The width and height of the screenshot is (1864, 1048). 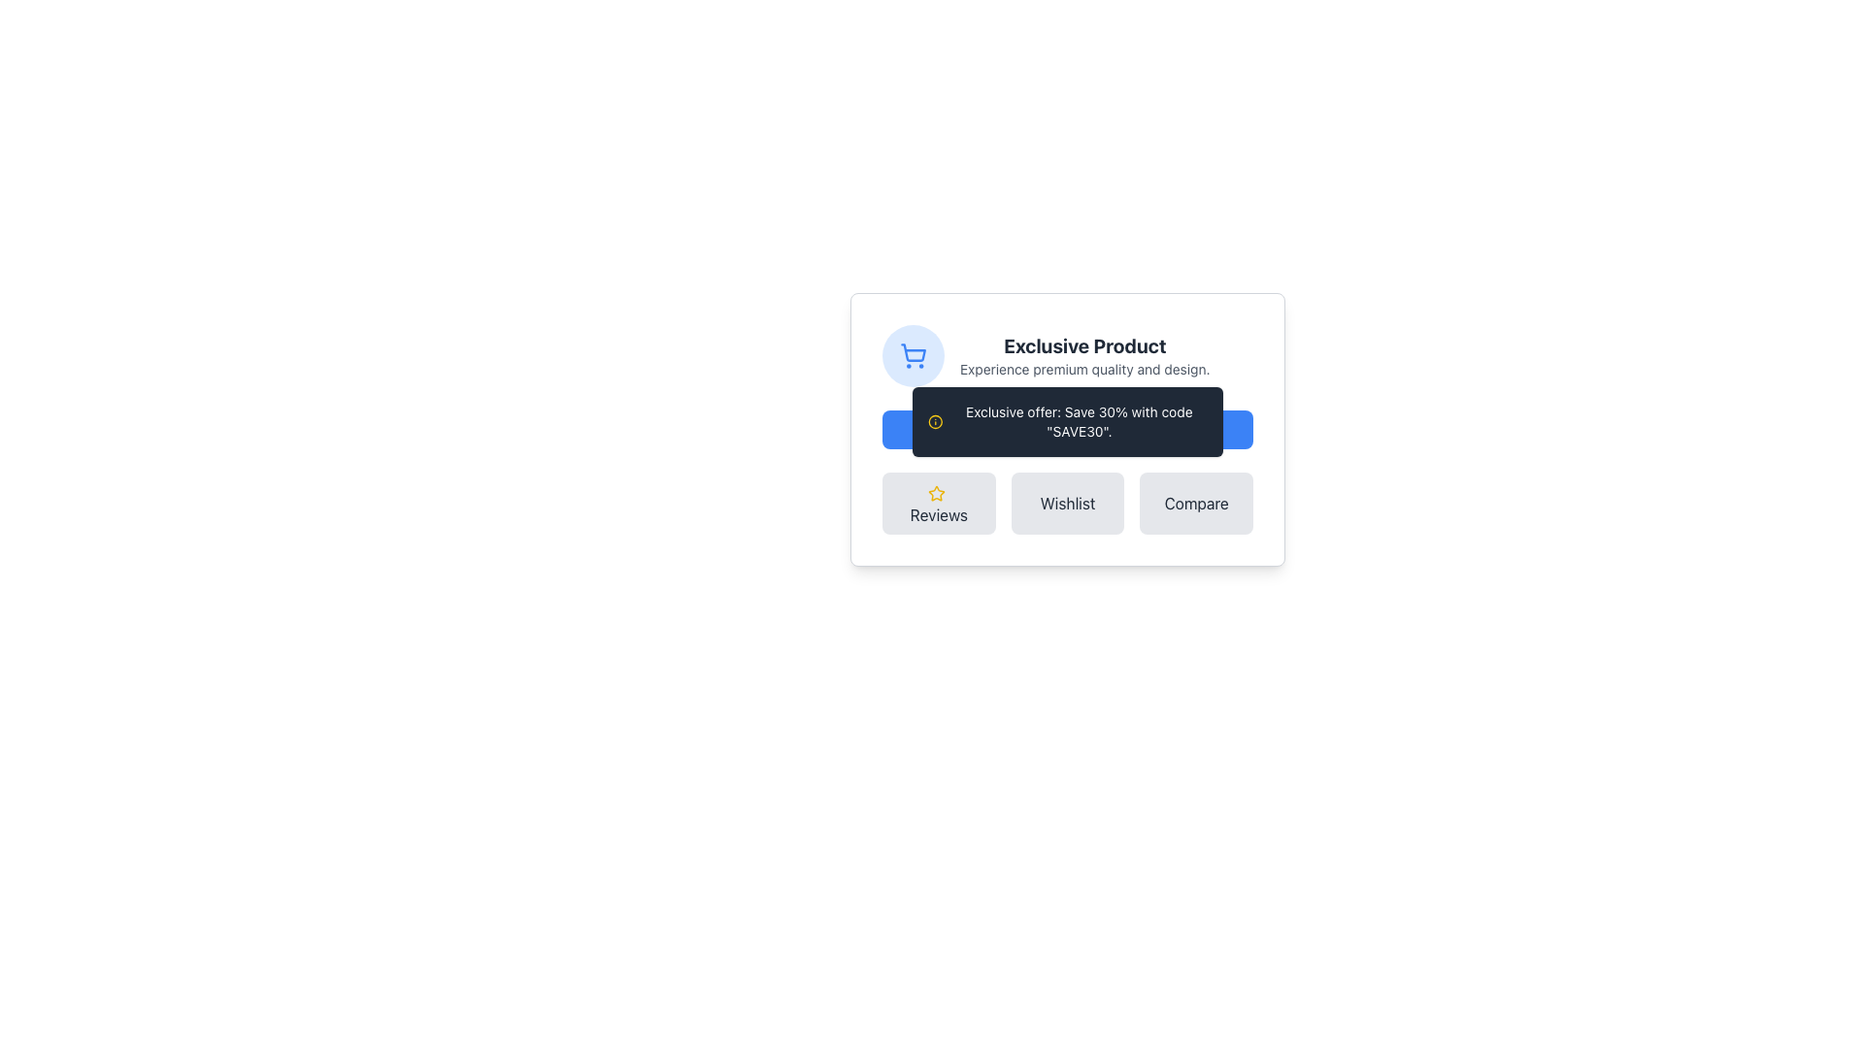 What do you see at coordinates (1083, 355) in the screenshot?
I see `text from the title and description text block located above the dark message box labeled 'Exclusive offer: Save 30% with code SAVE30.'` at bounding box center [1083, 355].